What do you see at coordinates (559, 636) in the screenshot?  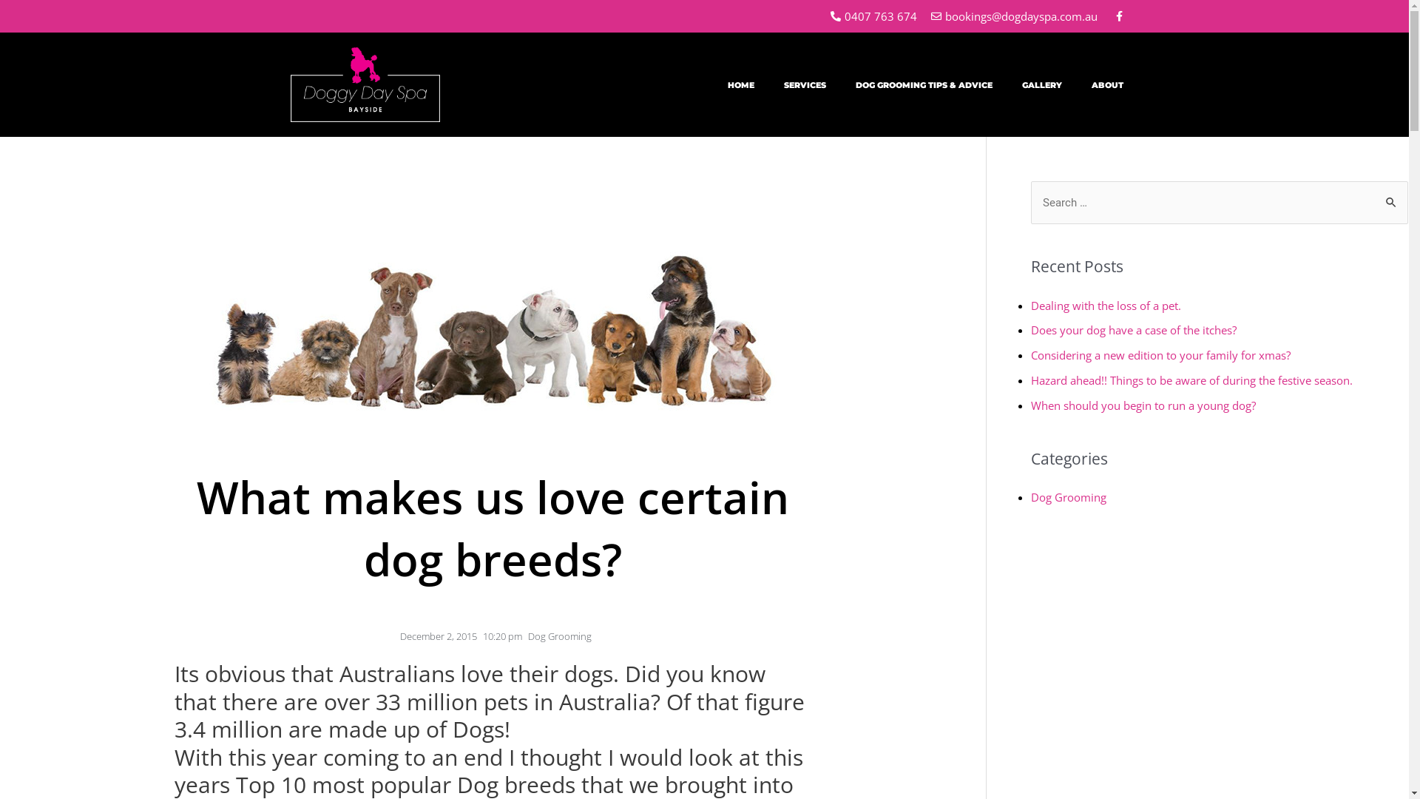 I see `'Dog Grooming'` at bounding box center [559, 636].